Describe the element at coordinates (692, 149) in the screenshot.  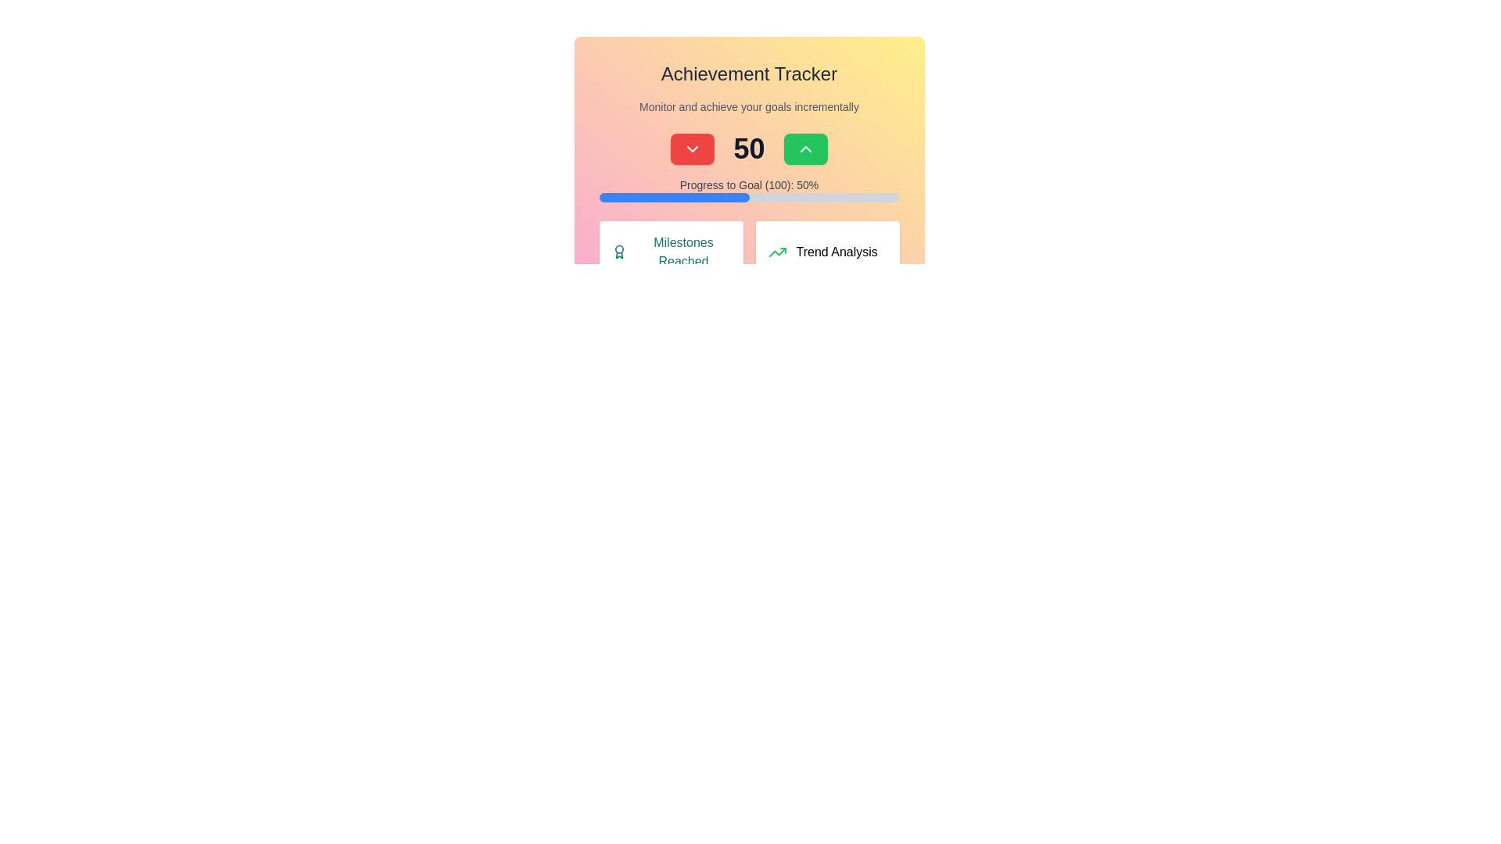
I see `the rectangular button with a red background and a downward arrow icon, located to the left of the numerical '50'` at that location.